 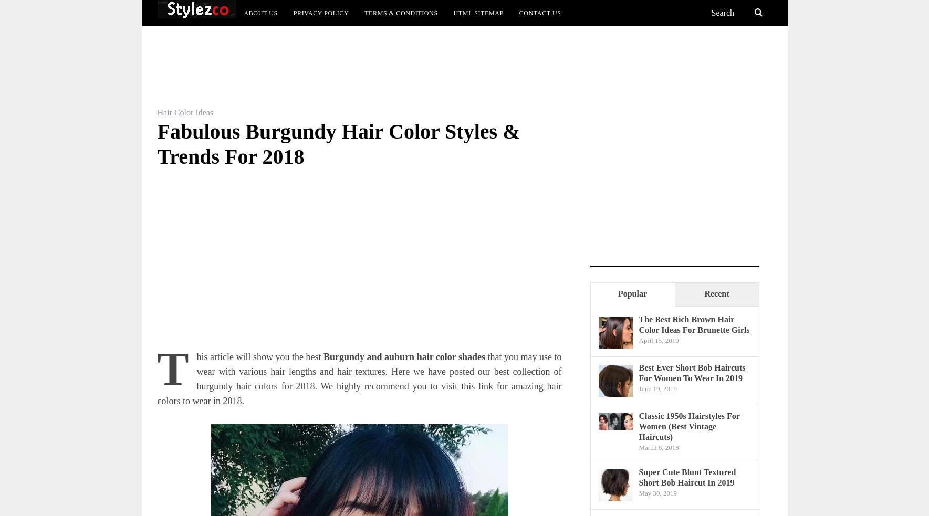 I want to click on 'Trends & Styles', so click(x=179, y=41).